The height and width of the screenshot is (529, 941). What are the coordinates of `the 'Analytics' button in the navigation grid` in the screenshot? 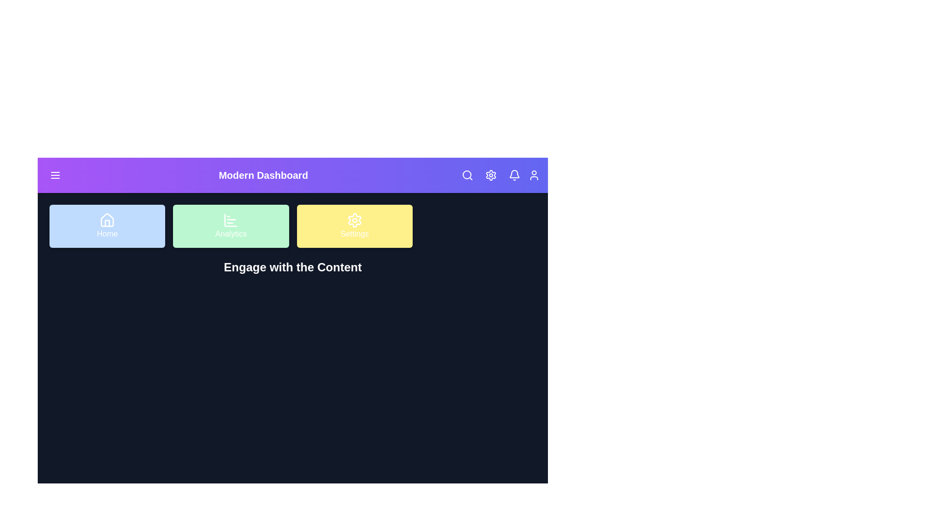 It's located at (230, 226).